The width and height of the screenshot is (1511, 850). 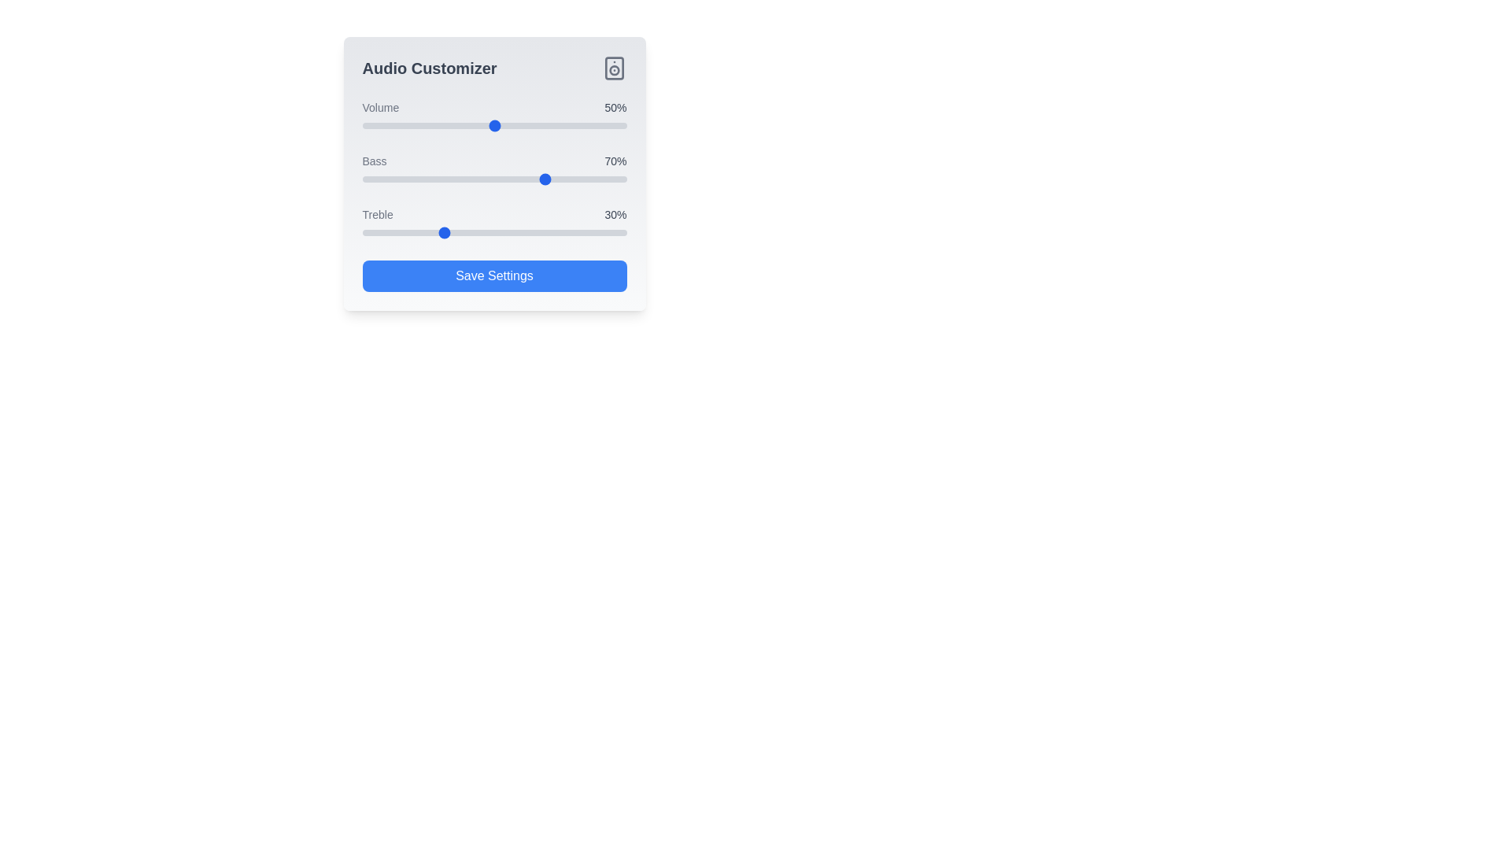 I want to click on the treble slider to set the treble level to 62%, so click(x=526, y=233).